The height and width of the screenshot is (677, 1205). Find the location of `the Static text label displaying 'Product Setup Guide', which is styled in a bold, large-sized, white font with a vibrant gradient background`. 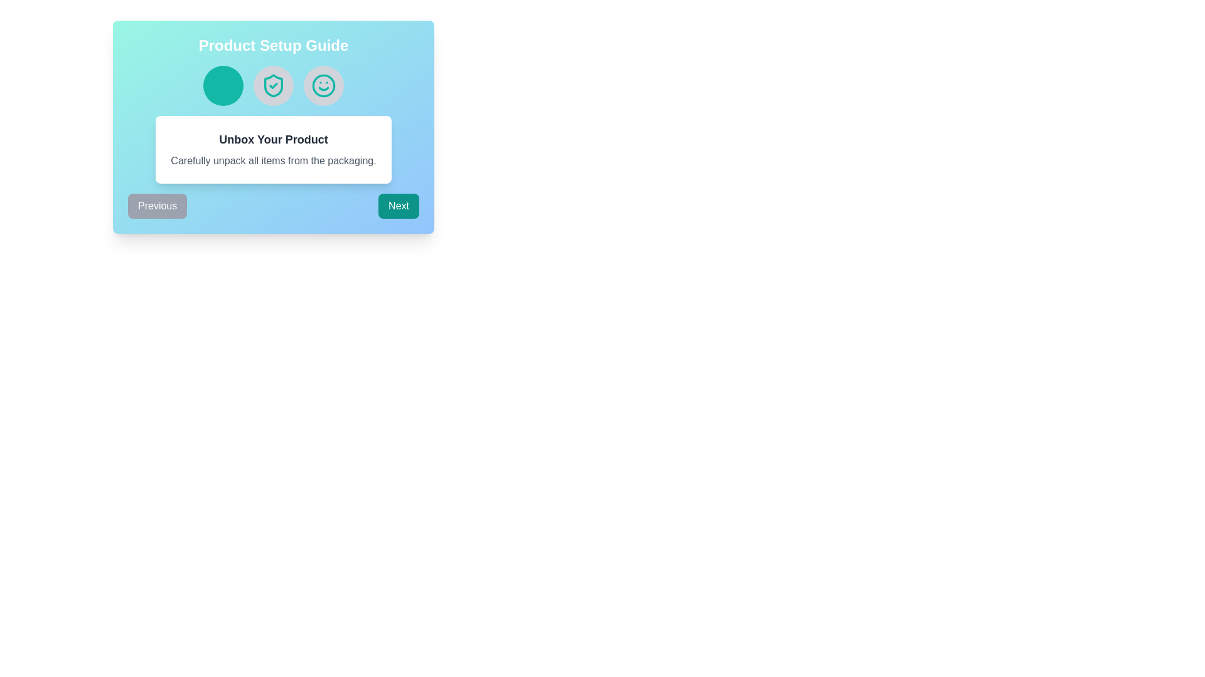

the Static text label displaying 'Product Setup Guide', which is styled in a bold, large-sized, white font with a vibrant gradient background is located at coordinates (273, 45).